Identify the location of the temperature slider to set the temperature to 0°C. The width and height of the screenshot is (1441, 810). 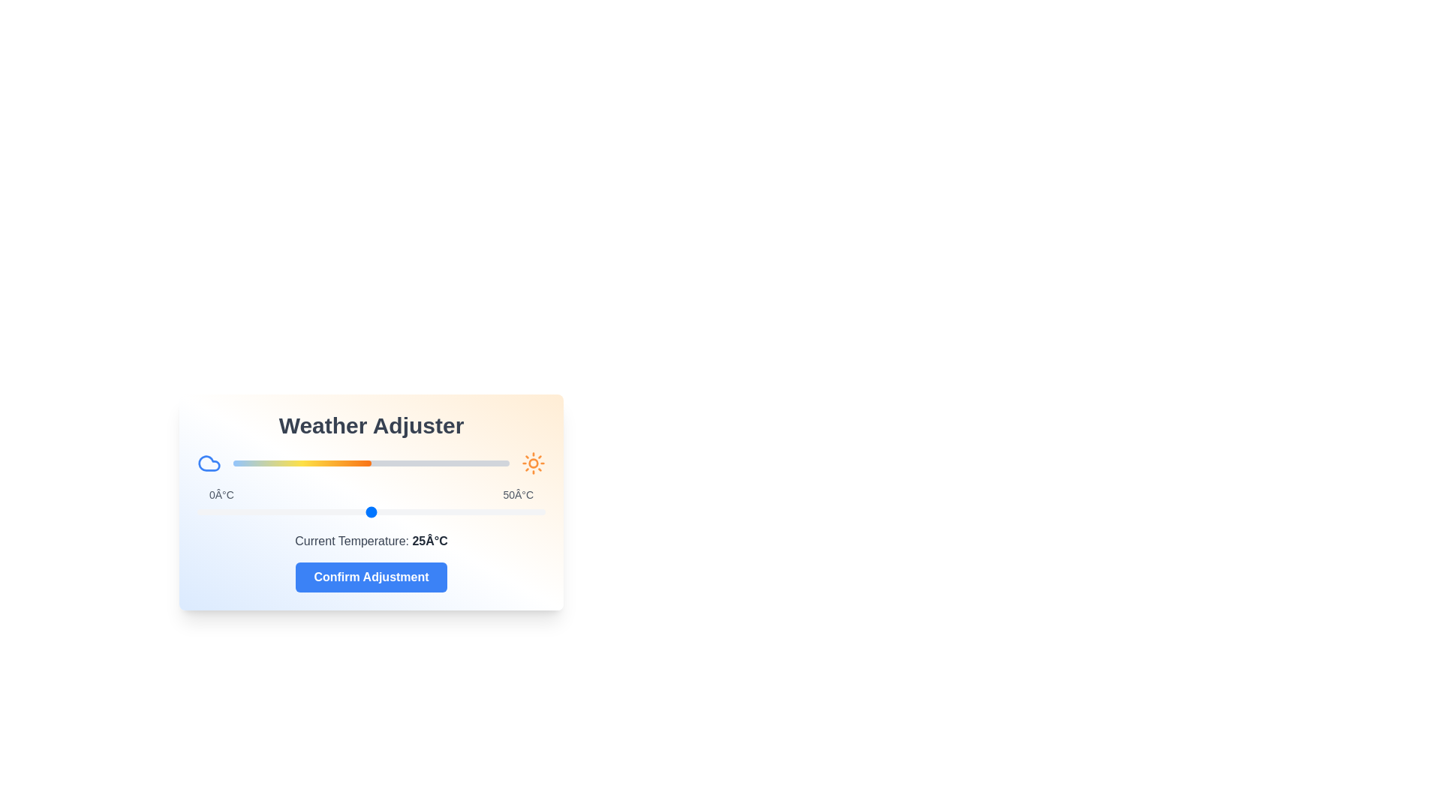
(197, 511).